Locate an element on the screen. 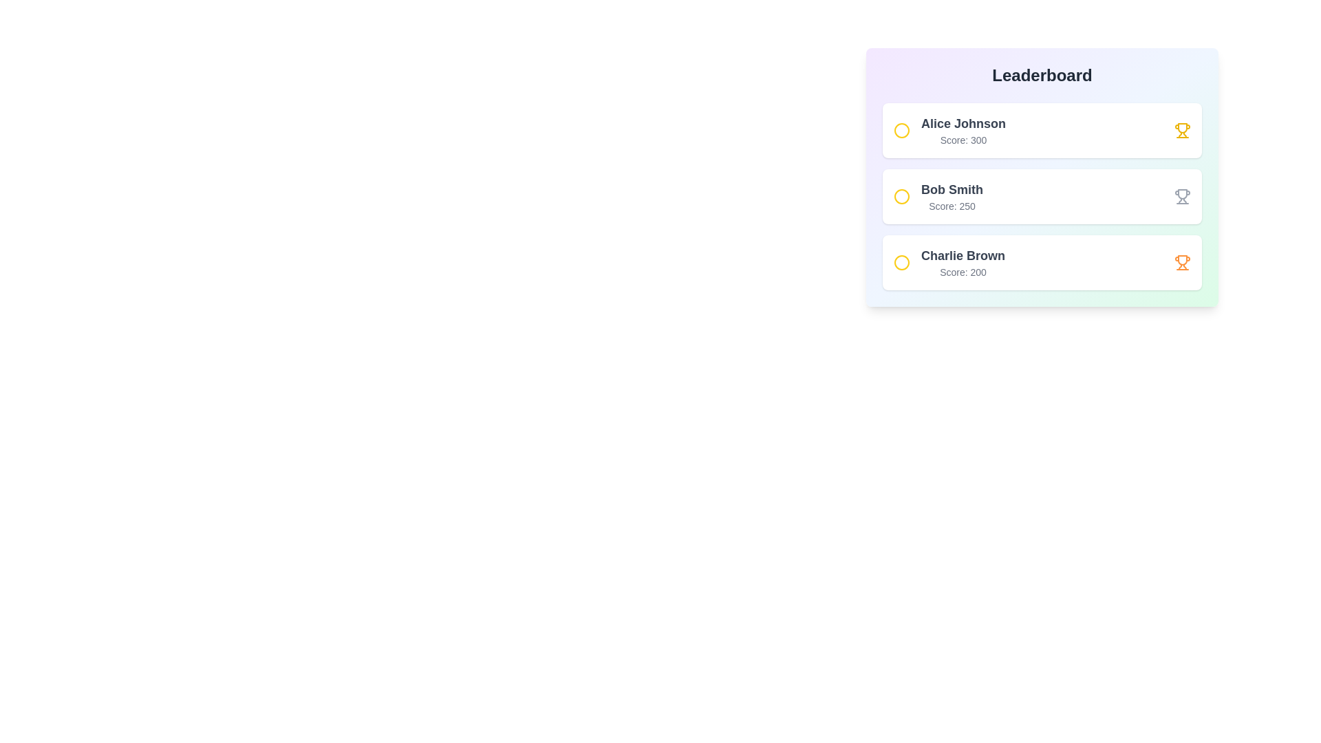 Image resolution: width=1321 pixels, height=743 pixels. the leaderboard title to highlight or copy it is located at coordinates (1042, 76).